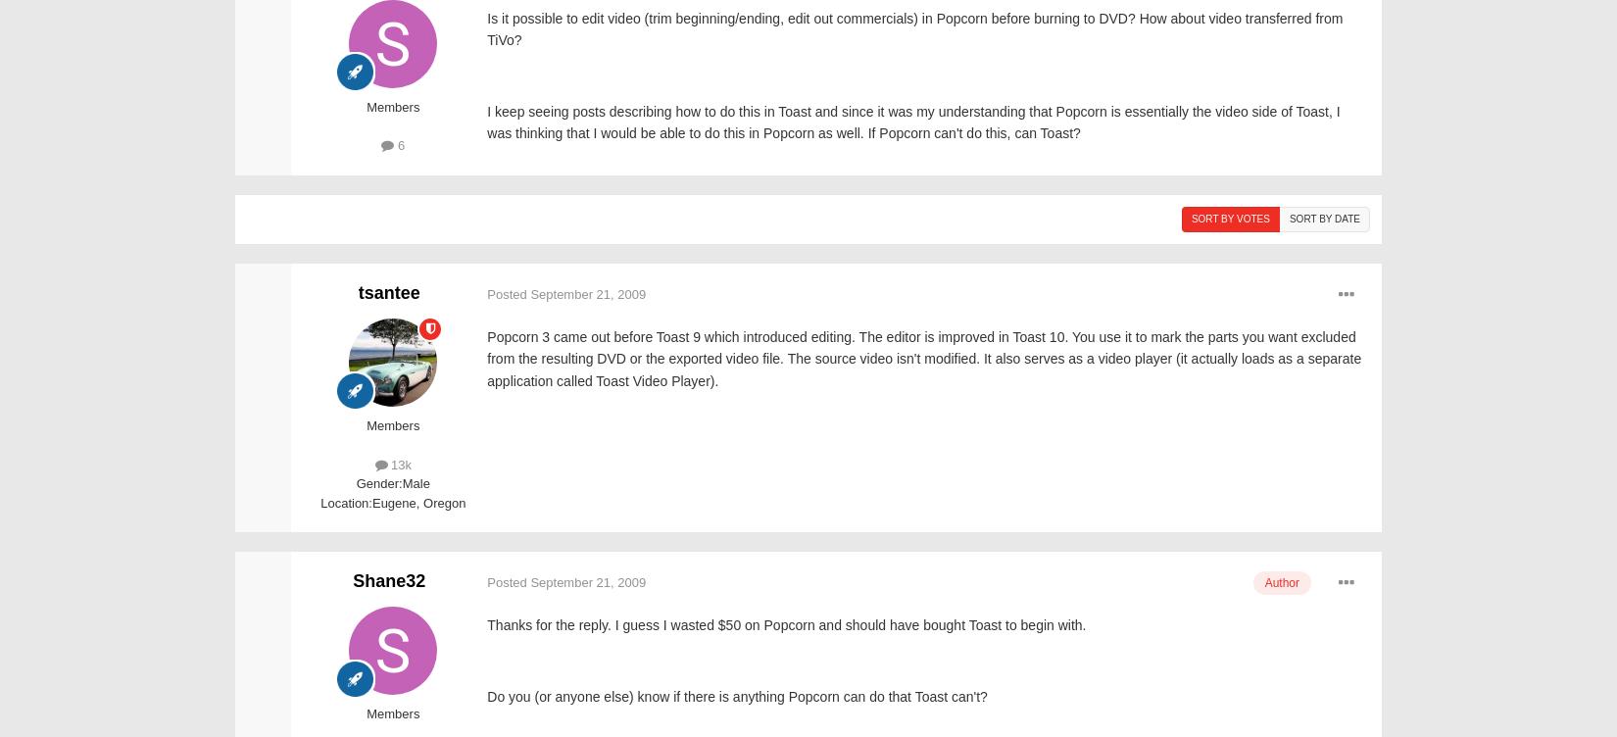  I want to click on 'Eugene, Oregon', so click(417, 501).